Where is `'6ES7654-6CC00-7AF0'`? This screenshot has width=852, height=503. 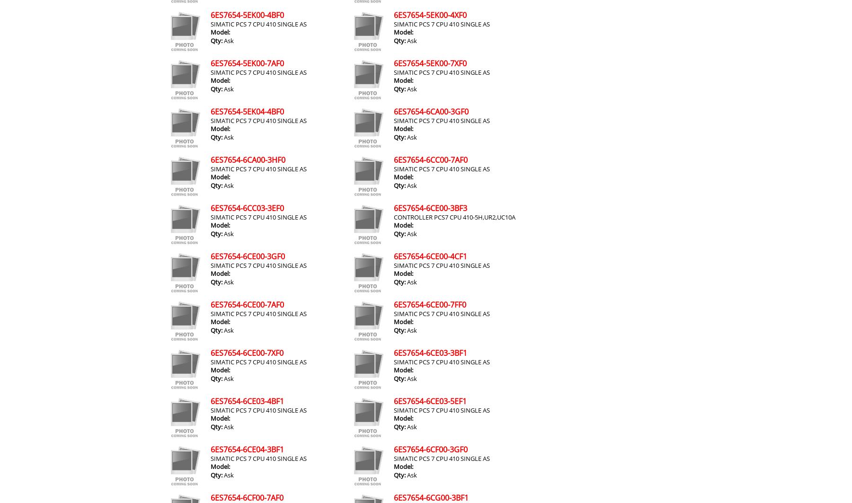
'6ES7654-6CC00-7AF0' is located at coordinates (430, 160).